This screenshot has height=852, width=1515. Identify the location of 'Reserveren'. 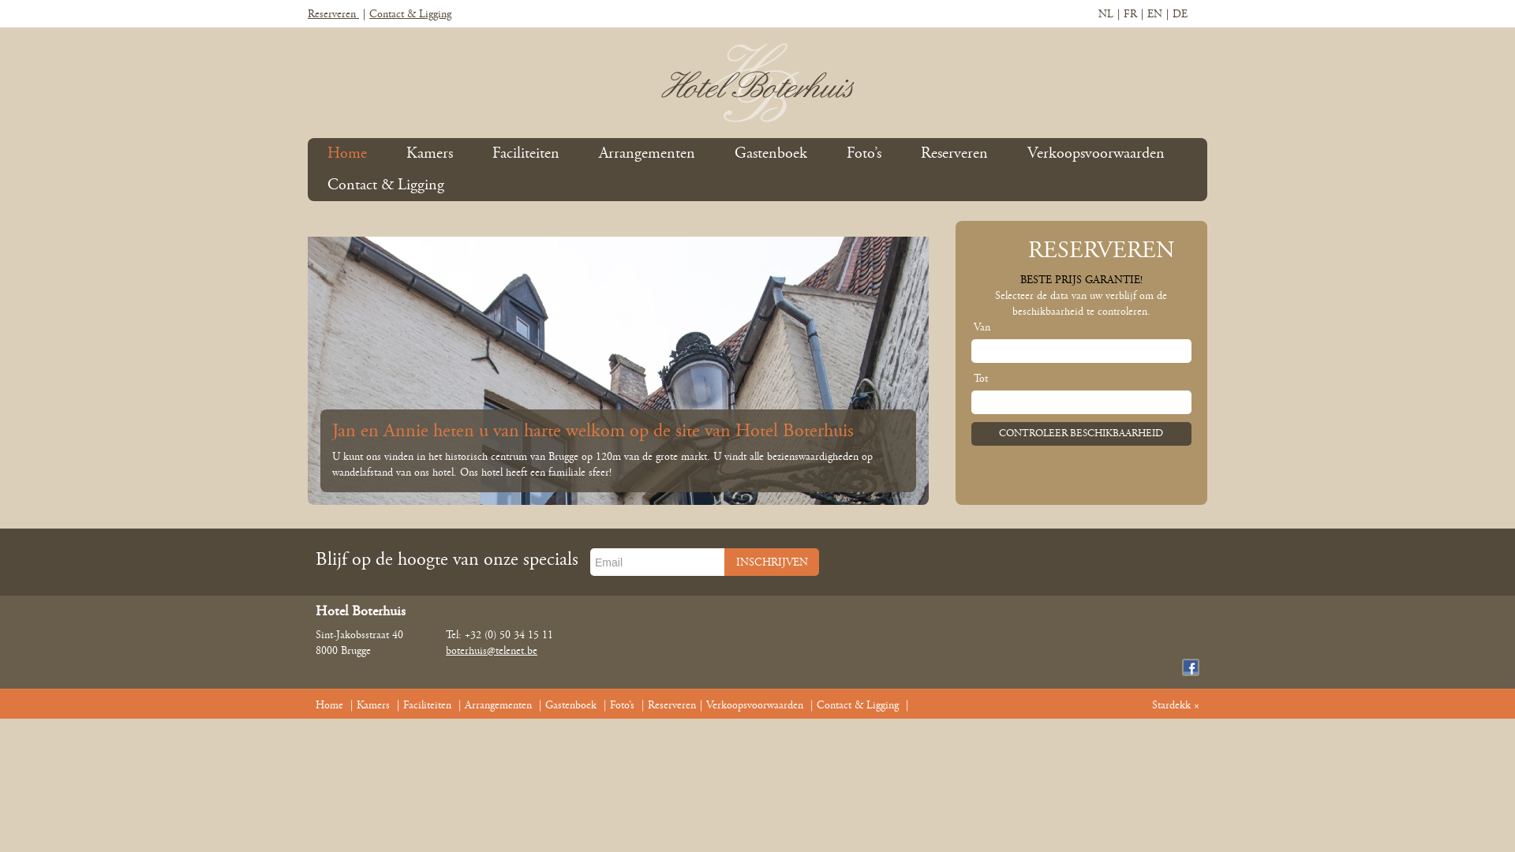
(953, 154).